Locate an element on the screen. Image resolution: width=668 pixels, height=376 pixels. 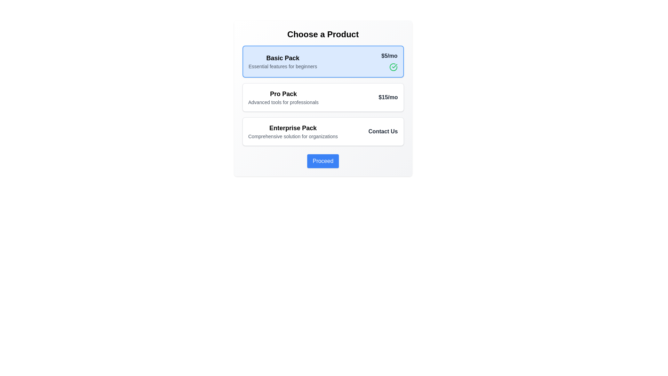
the 'Basic Pack' text block, which includes the heading 'Basic Pack' and the subheading 'Essential features for beginners' is located at coordinates (283, 61).